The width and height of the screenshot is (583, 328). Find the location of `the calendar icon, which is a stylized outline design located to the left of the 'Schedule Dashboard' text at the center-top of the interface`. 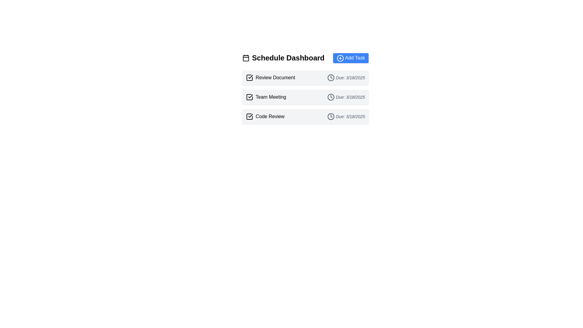

the calendar icon, which is a stylized outline design located to the left of the 'Schedule Dashboard' text at the center-top of the interface is located at coordinates (246, 58).